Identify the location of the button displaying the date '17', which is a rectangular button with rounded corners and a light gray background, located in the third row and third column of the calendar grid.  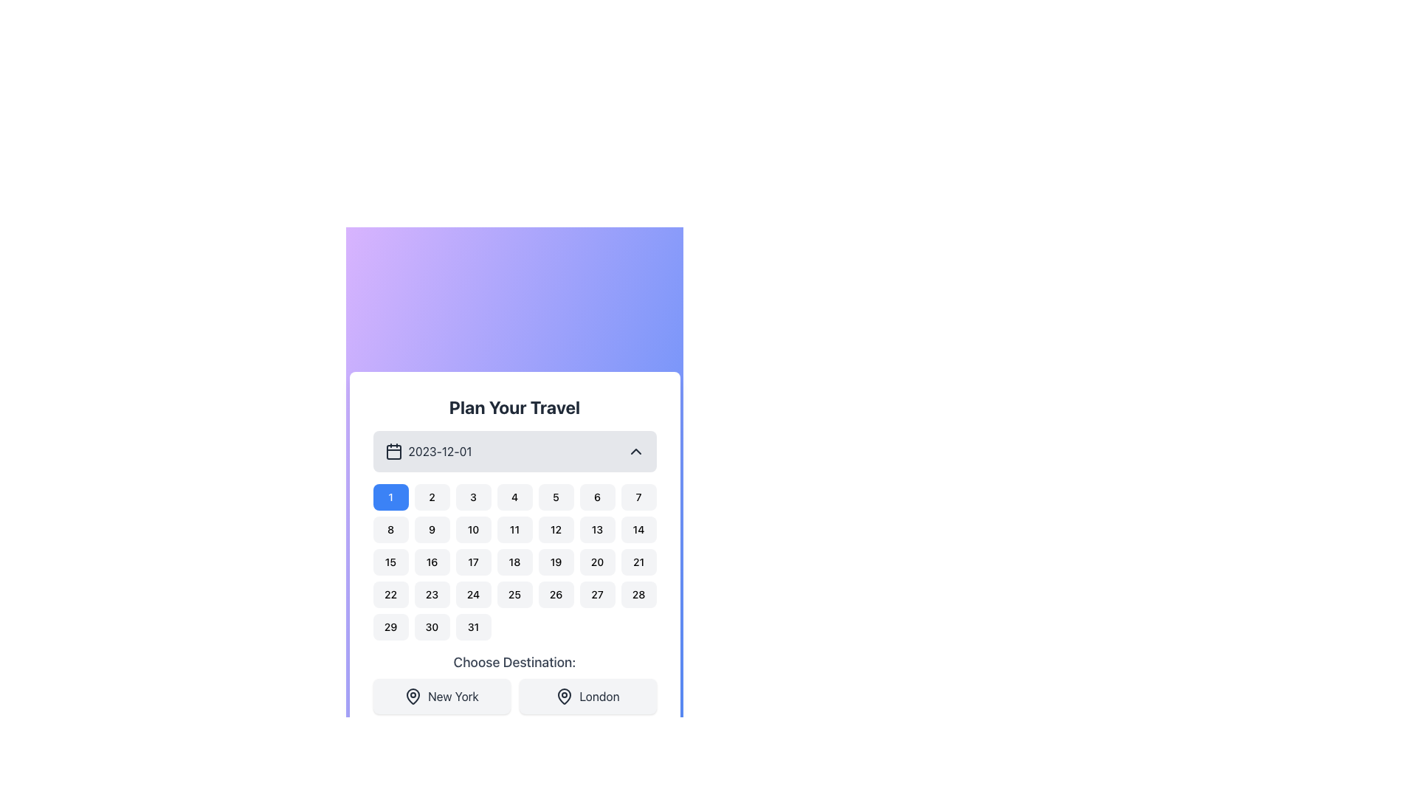
(473, 562).